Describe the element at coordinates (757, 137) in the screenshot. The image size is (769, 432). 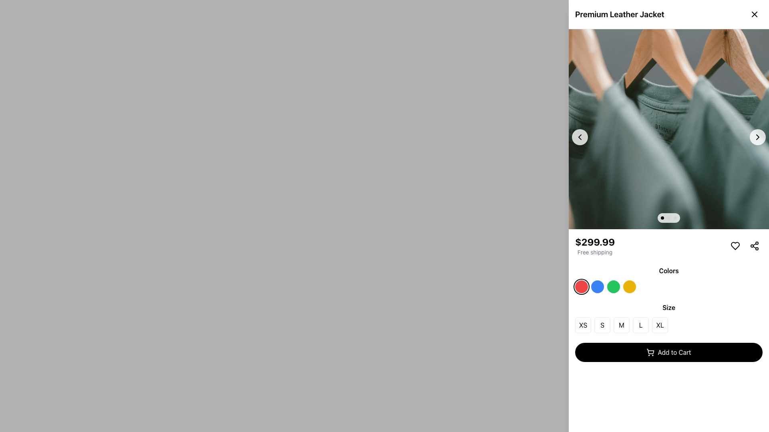
I see `the IconButton, which is a right-pointing chevron styled in a light semi-transparent white rounded button located in the top-right region of the interface` at that location.